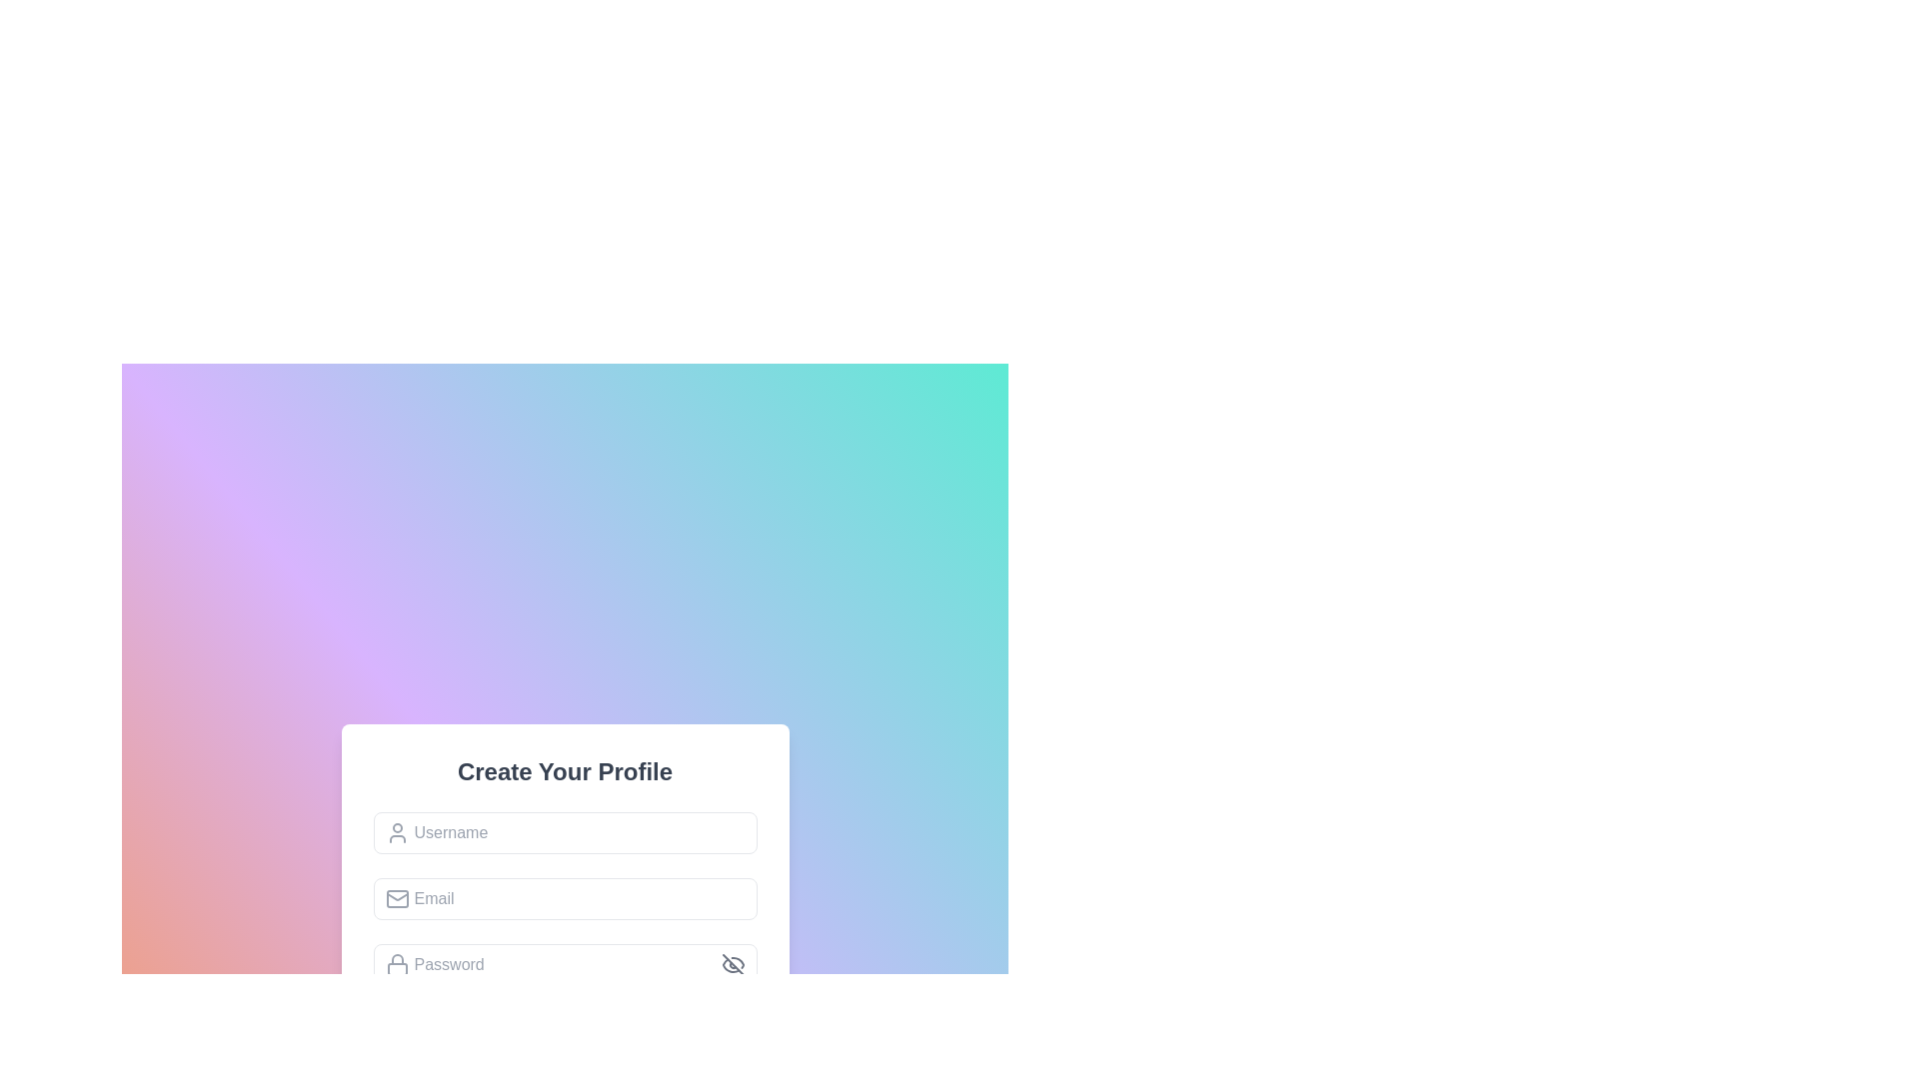 The width and height of the screenshot is (1919, 1079). I want to click on the submit button located at the bottom of the 'Create Your Profile' section to observe the hover effect, so click(564, 1029).